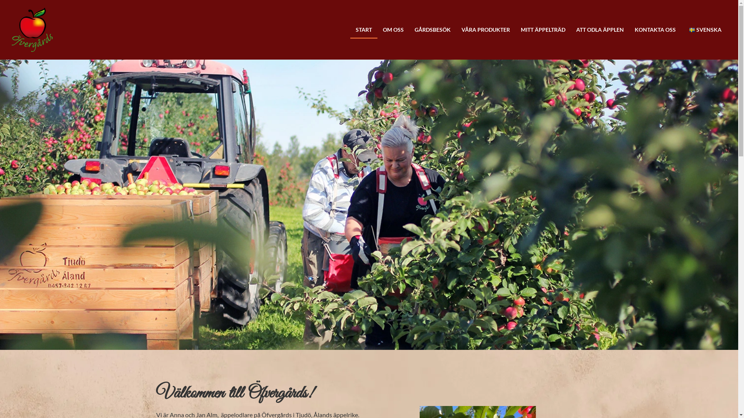 The height and width of the screenshot is (418, 744). What do you see at coordinates (680, 29) in the screenshot?
I see `'SVENSKA'` at bounding box center [680, 29].